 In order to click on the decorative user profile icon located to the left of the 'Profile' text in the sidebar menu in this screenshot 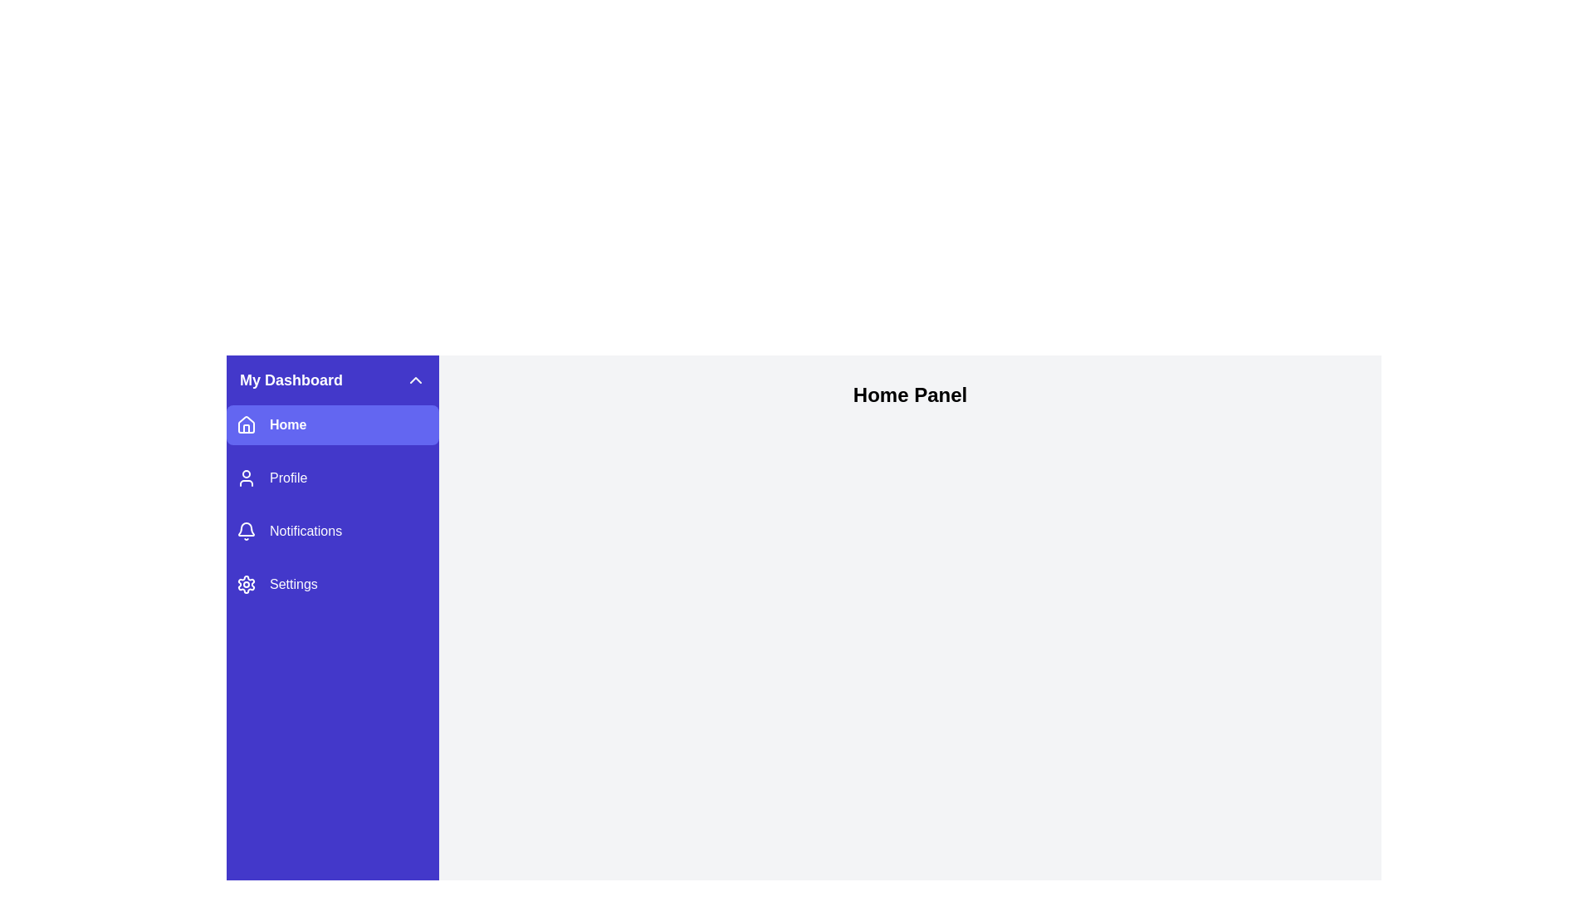, I will do `click(246, 478)`.